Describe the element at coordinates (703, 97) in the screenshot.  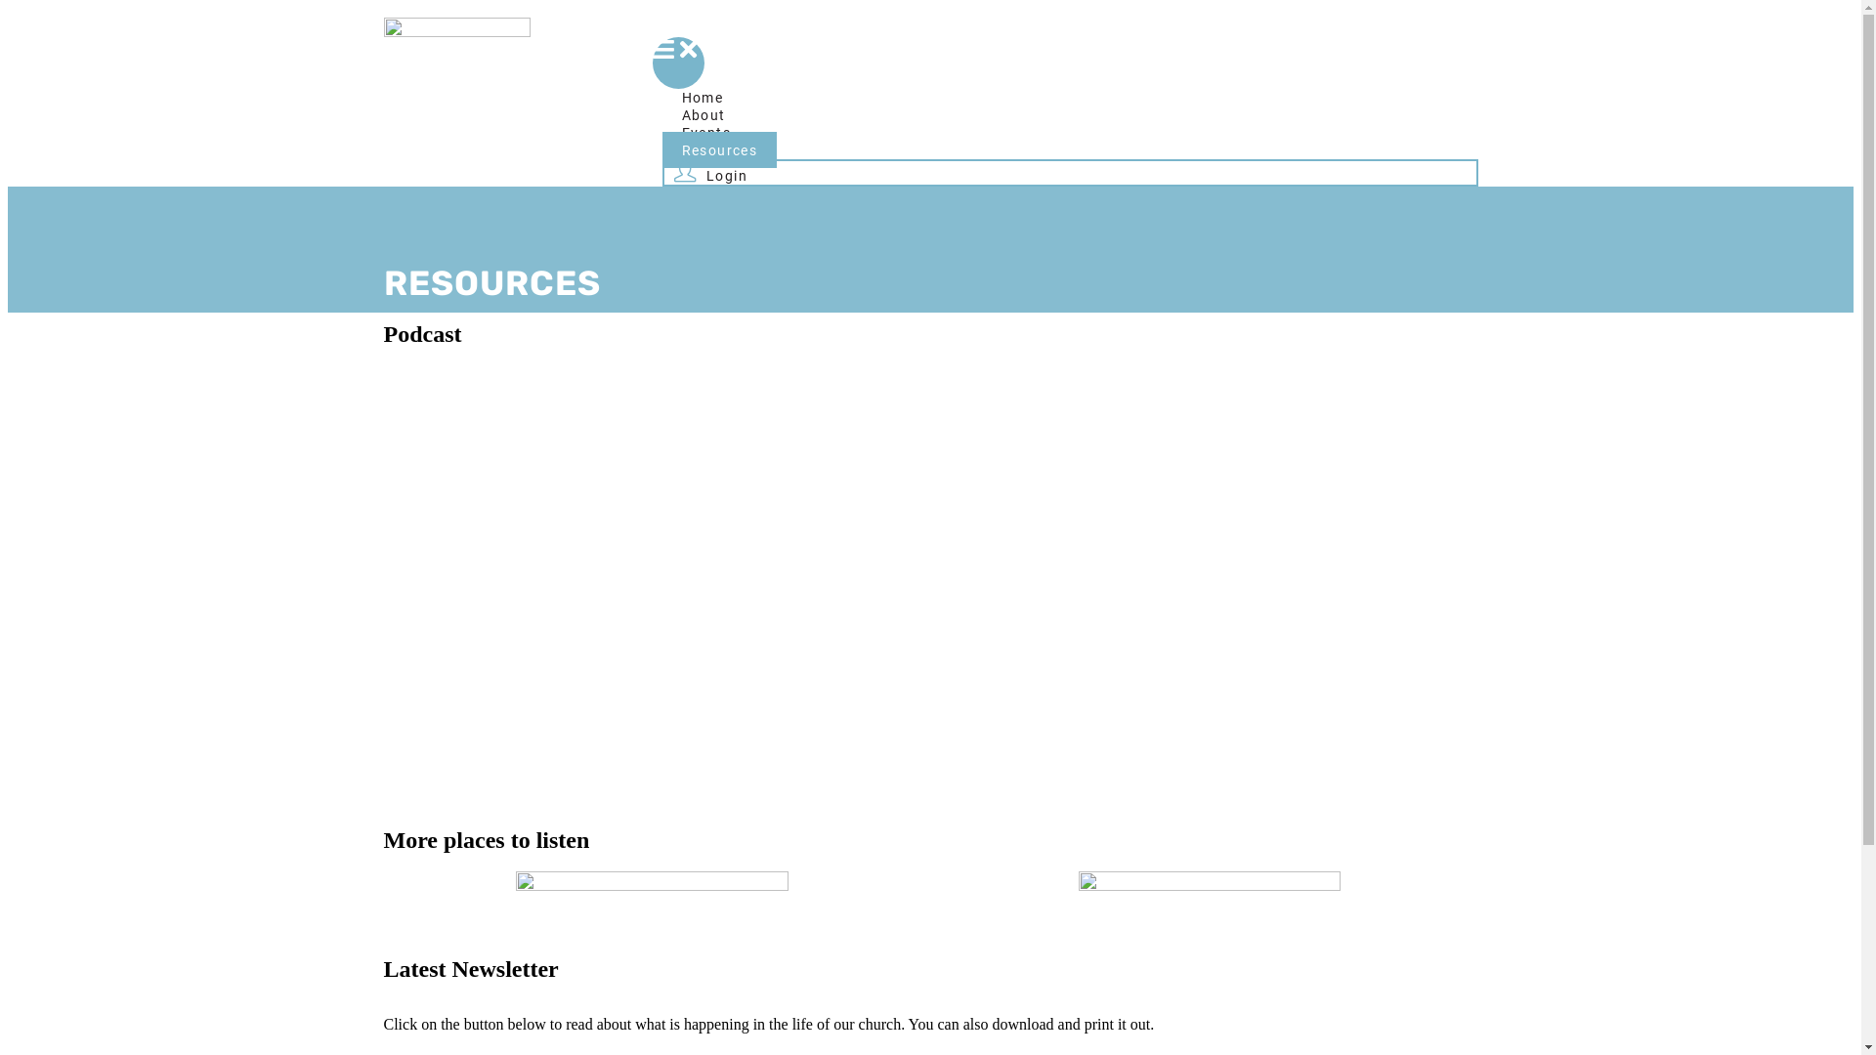
I see `'Home'` at that location.